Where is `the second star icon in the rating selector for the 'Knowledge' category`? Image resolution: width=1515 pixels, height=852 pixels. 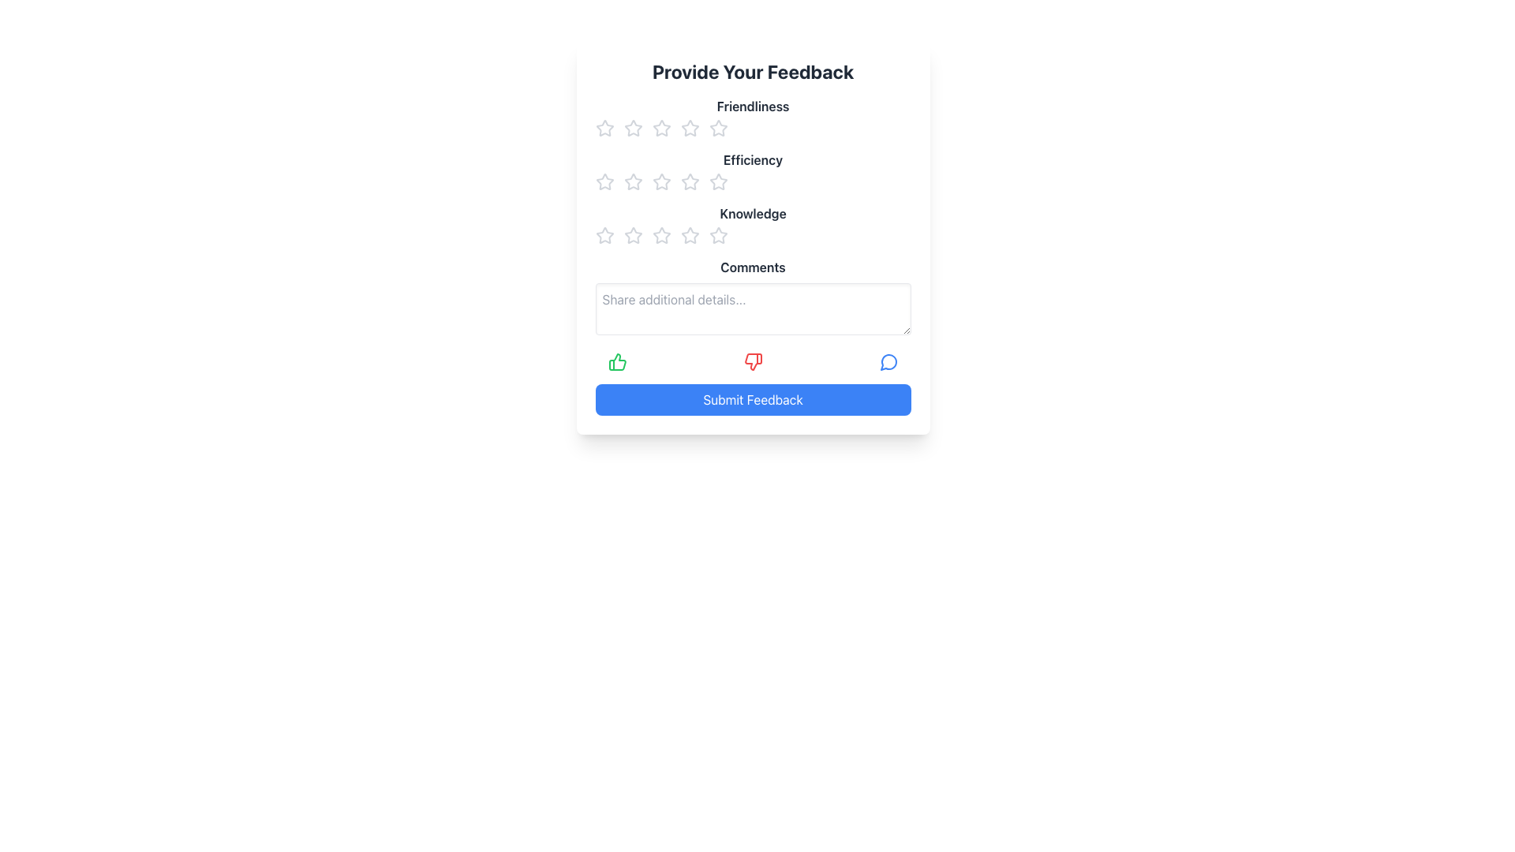 the second star icon in the rating selector for the 'Knowledge' category is located at coordinates (633, 236).